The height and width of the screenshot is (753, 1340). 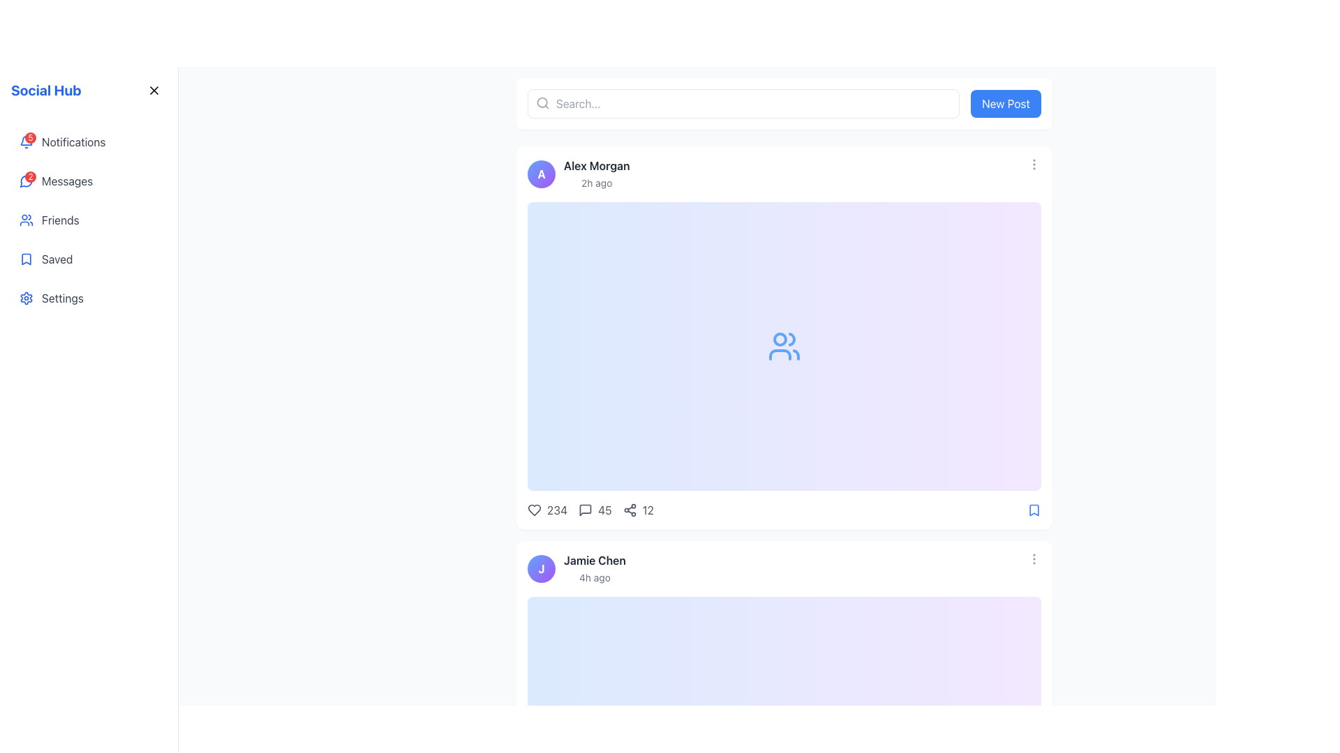 What do you see at coordinates (88, 220) in the screenshot?
I see `the vertical menu list located on the left-hand side of the interface under the 'Social Hub' side panel for additional options` at bounding box center [88, 220].